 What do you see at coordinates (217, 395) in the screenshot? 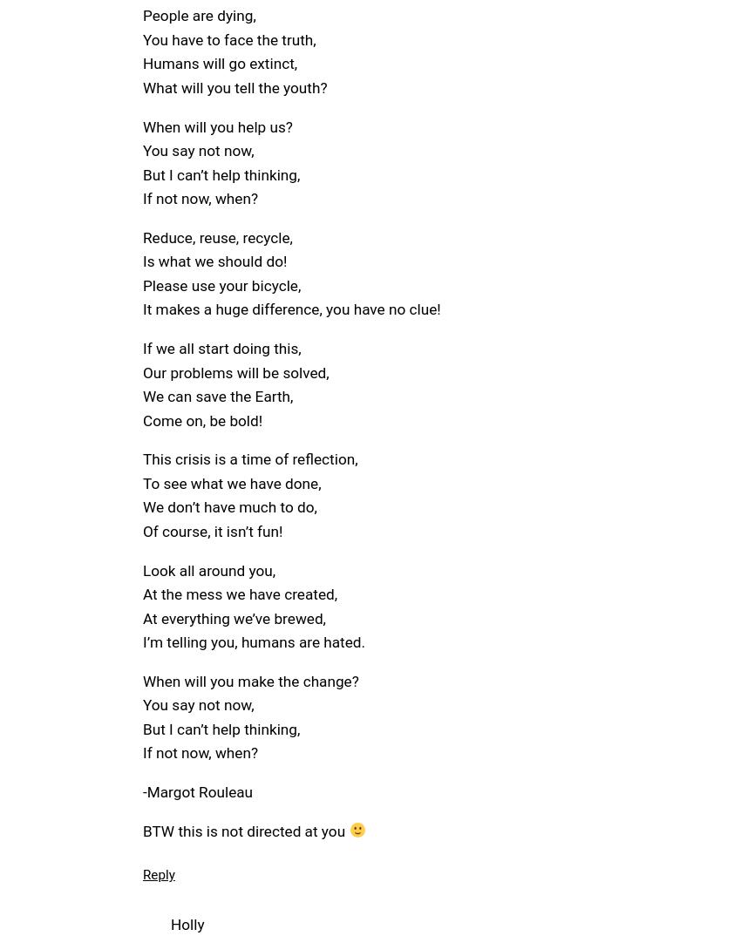
I see `'We can save the Earth,'` at bounding box center [217, 395].